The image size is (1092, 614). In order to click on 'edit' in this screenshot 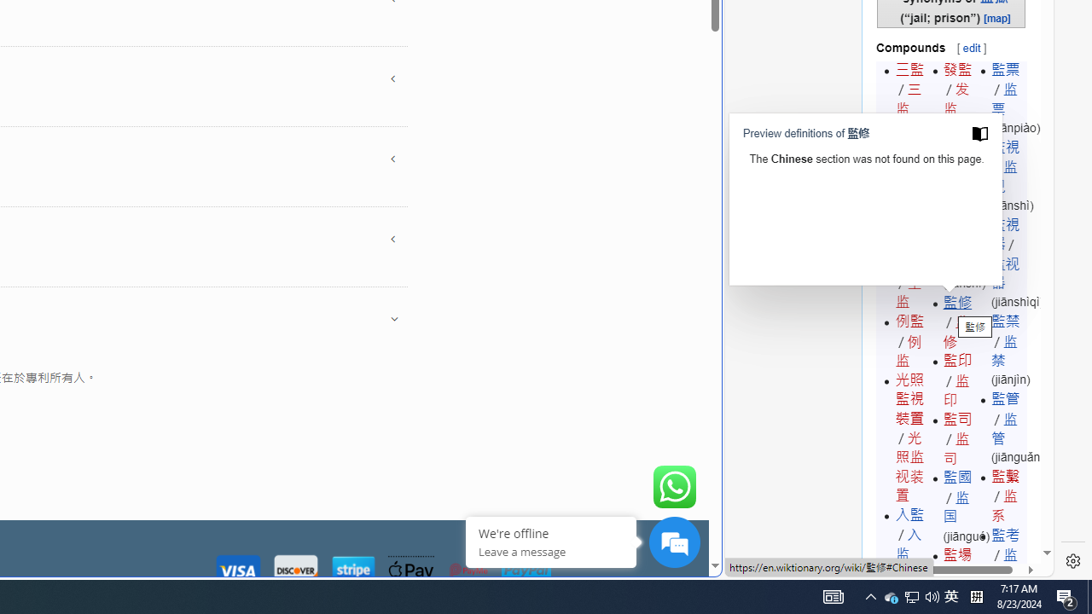, I will do `click(971, 47)`.